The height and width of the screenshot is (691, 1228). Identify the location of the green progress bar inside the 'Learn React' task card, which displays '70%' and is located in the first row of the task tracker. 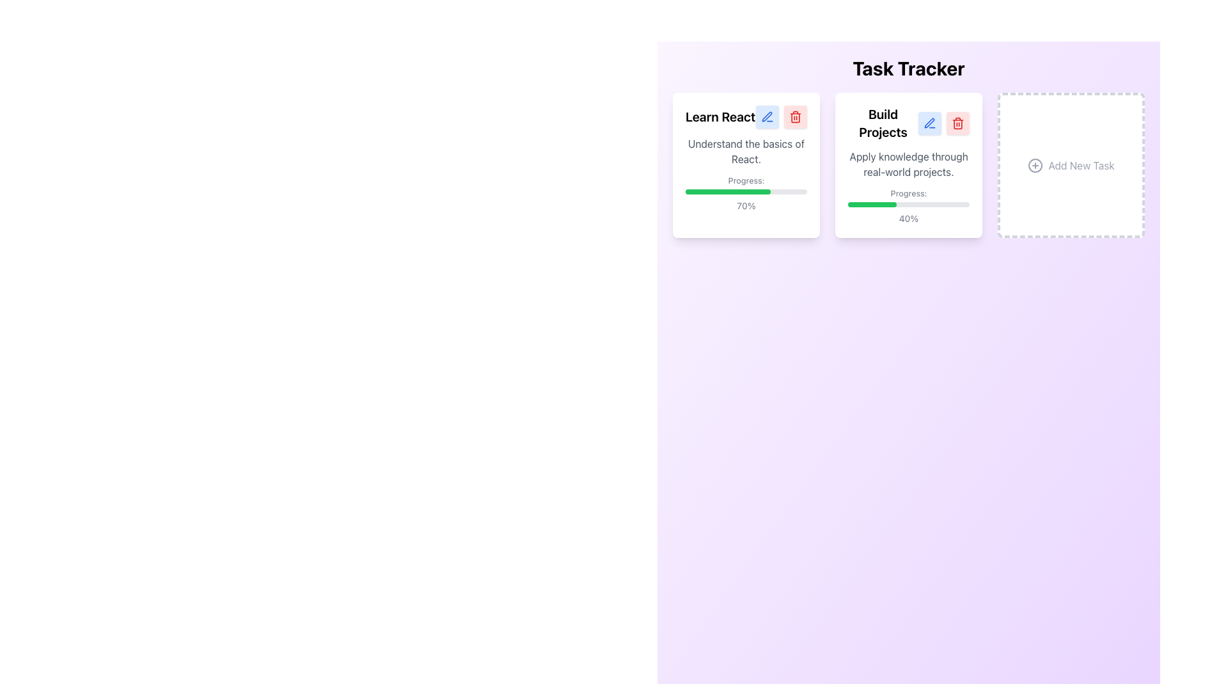
(728, 192).